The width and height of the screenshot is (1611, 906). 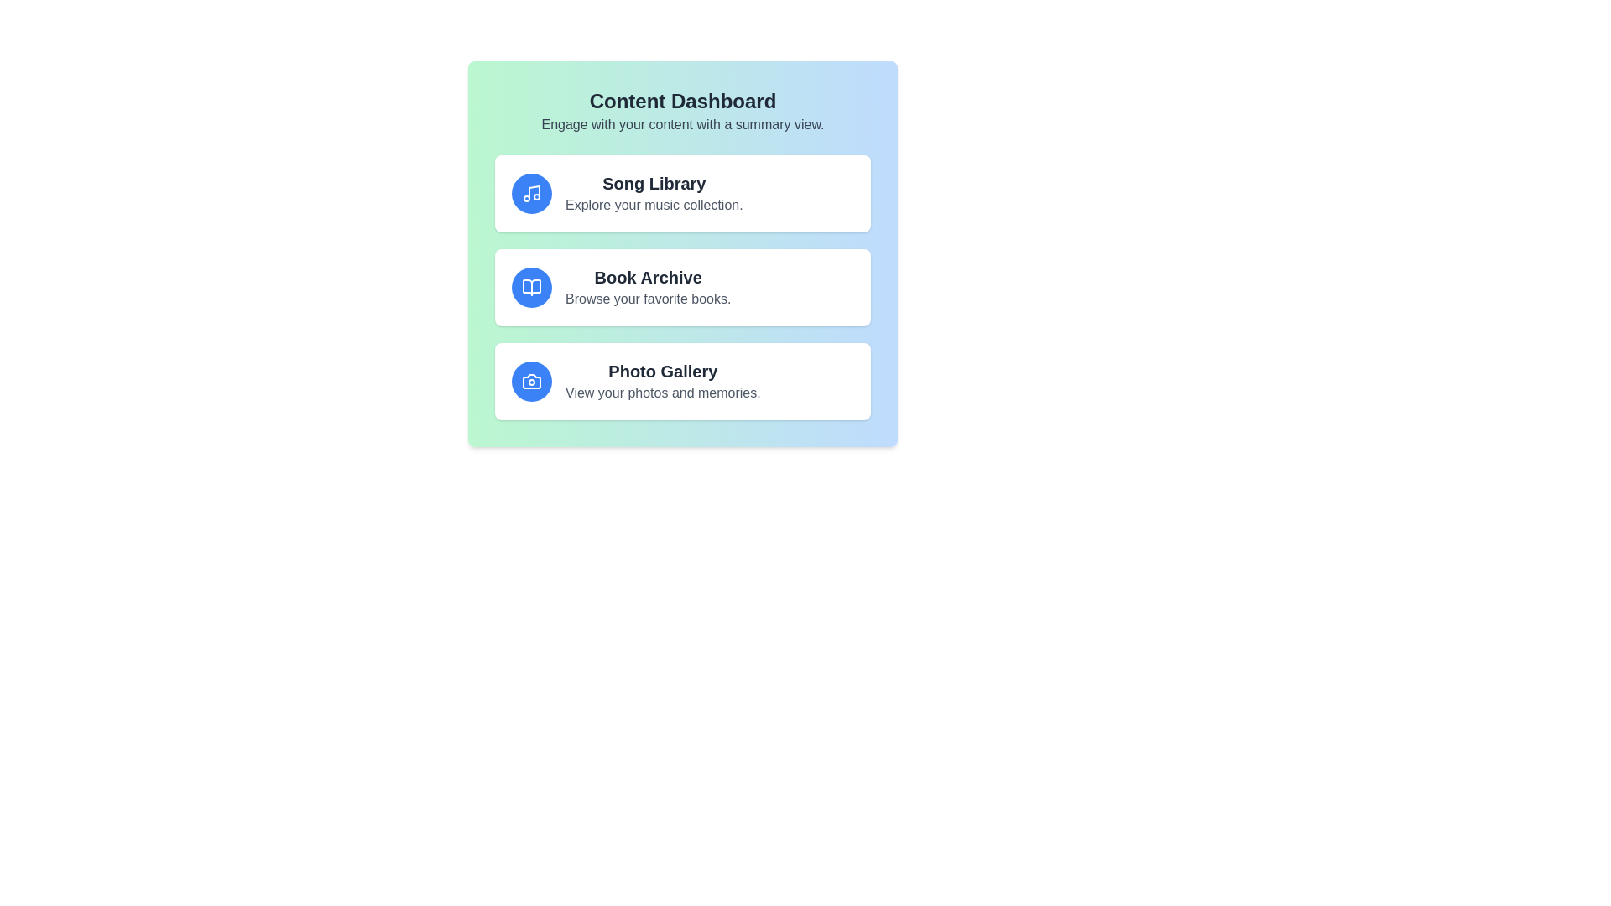 I want to click on the icon for Photo Gallery to explore its visual representation, so click(x=530, y=382).